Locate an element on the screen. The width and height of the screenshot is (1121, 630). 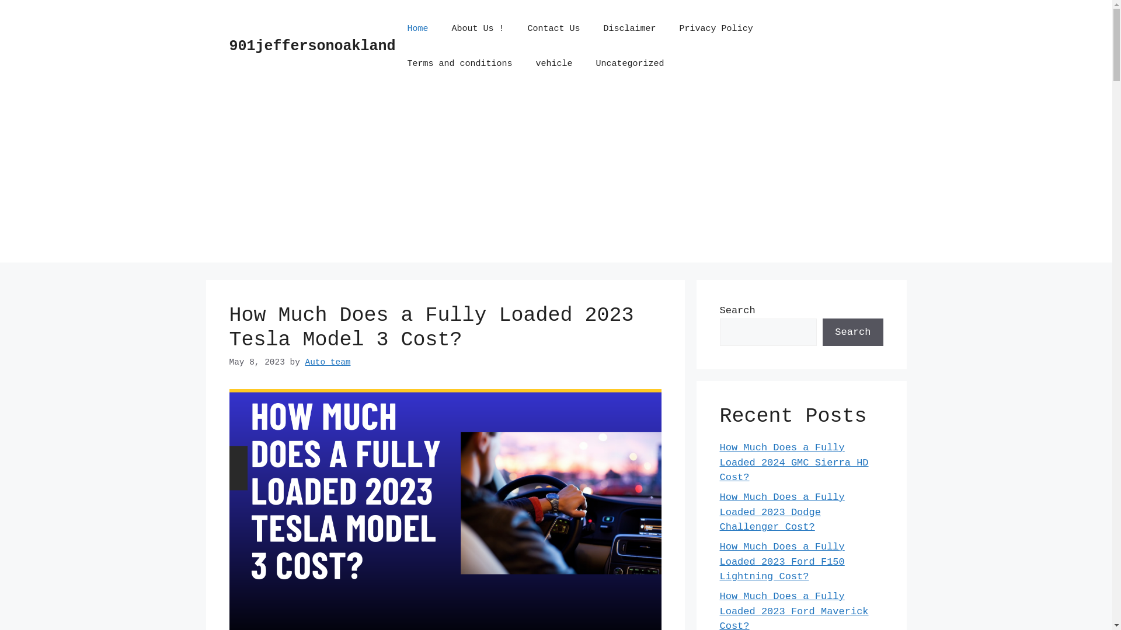
'vehicle' is located at coordinates (553, 64).